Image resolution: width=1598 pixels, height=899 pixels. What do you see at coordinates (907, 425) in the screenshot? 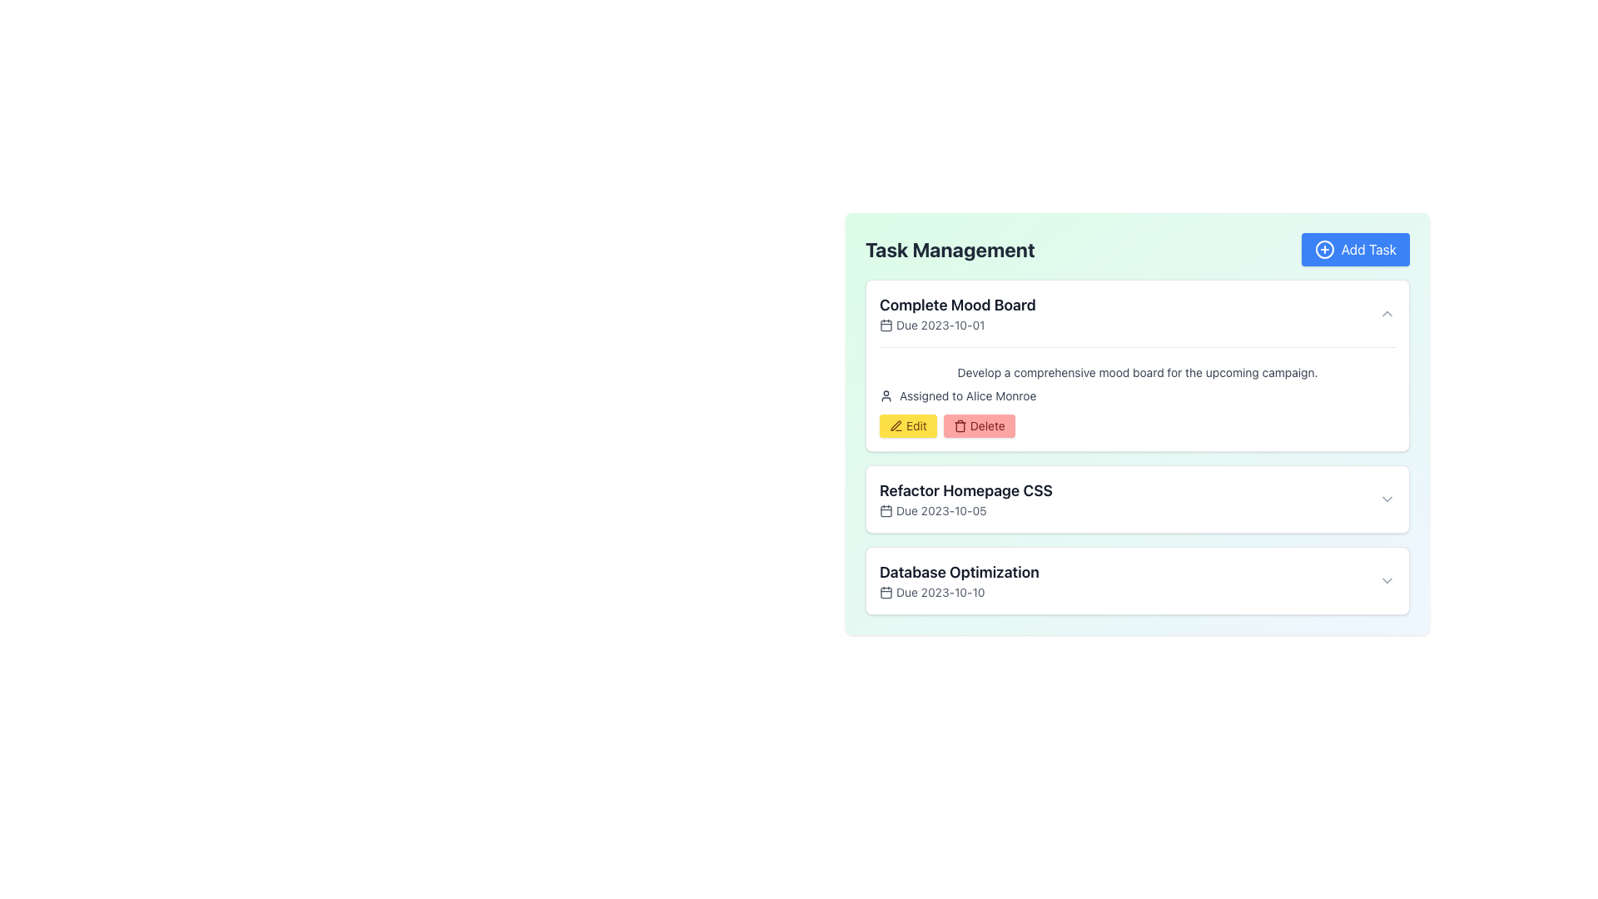
I see `the yellow 'Edit' button with a pen icon located at the bottom of the 'Complete Mood Board' task card` at bounding box center [907, 425].